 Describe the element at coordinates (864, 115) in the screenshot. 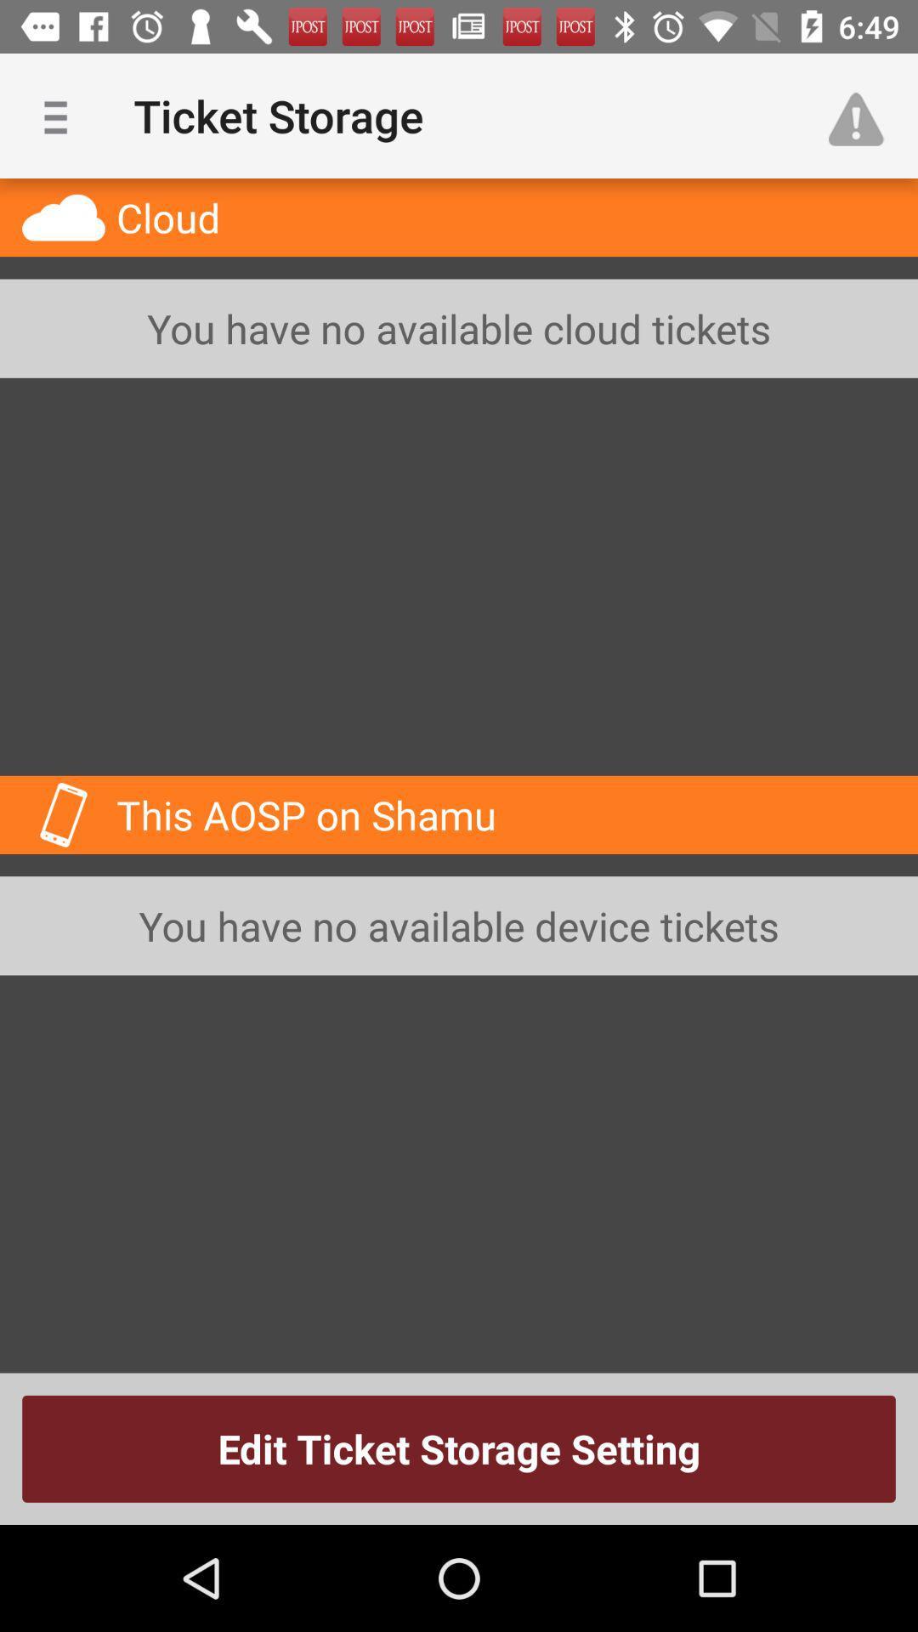

I see `the icon to the right of the ticket storage` at that location.